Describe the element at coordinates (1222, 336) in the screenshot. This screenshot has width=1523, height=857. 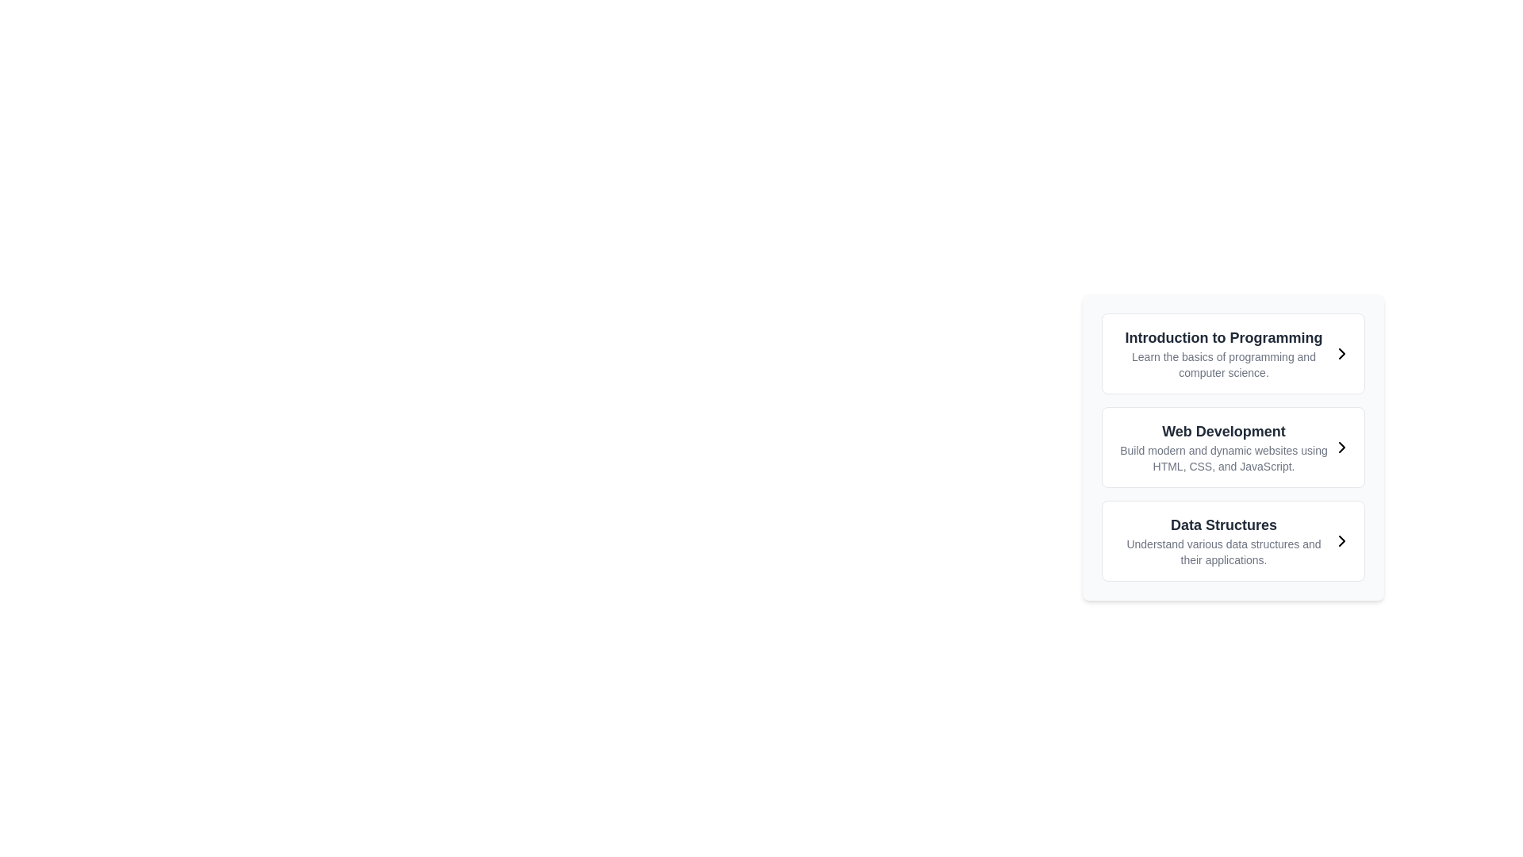
I see `the static text label 'Introduction to Programming' which is styled in bold and large font, located in the top-left portion of the menu box` at that location.